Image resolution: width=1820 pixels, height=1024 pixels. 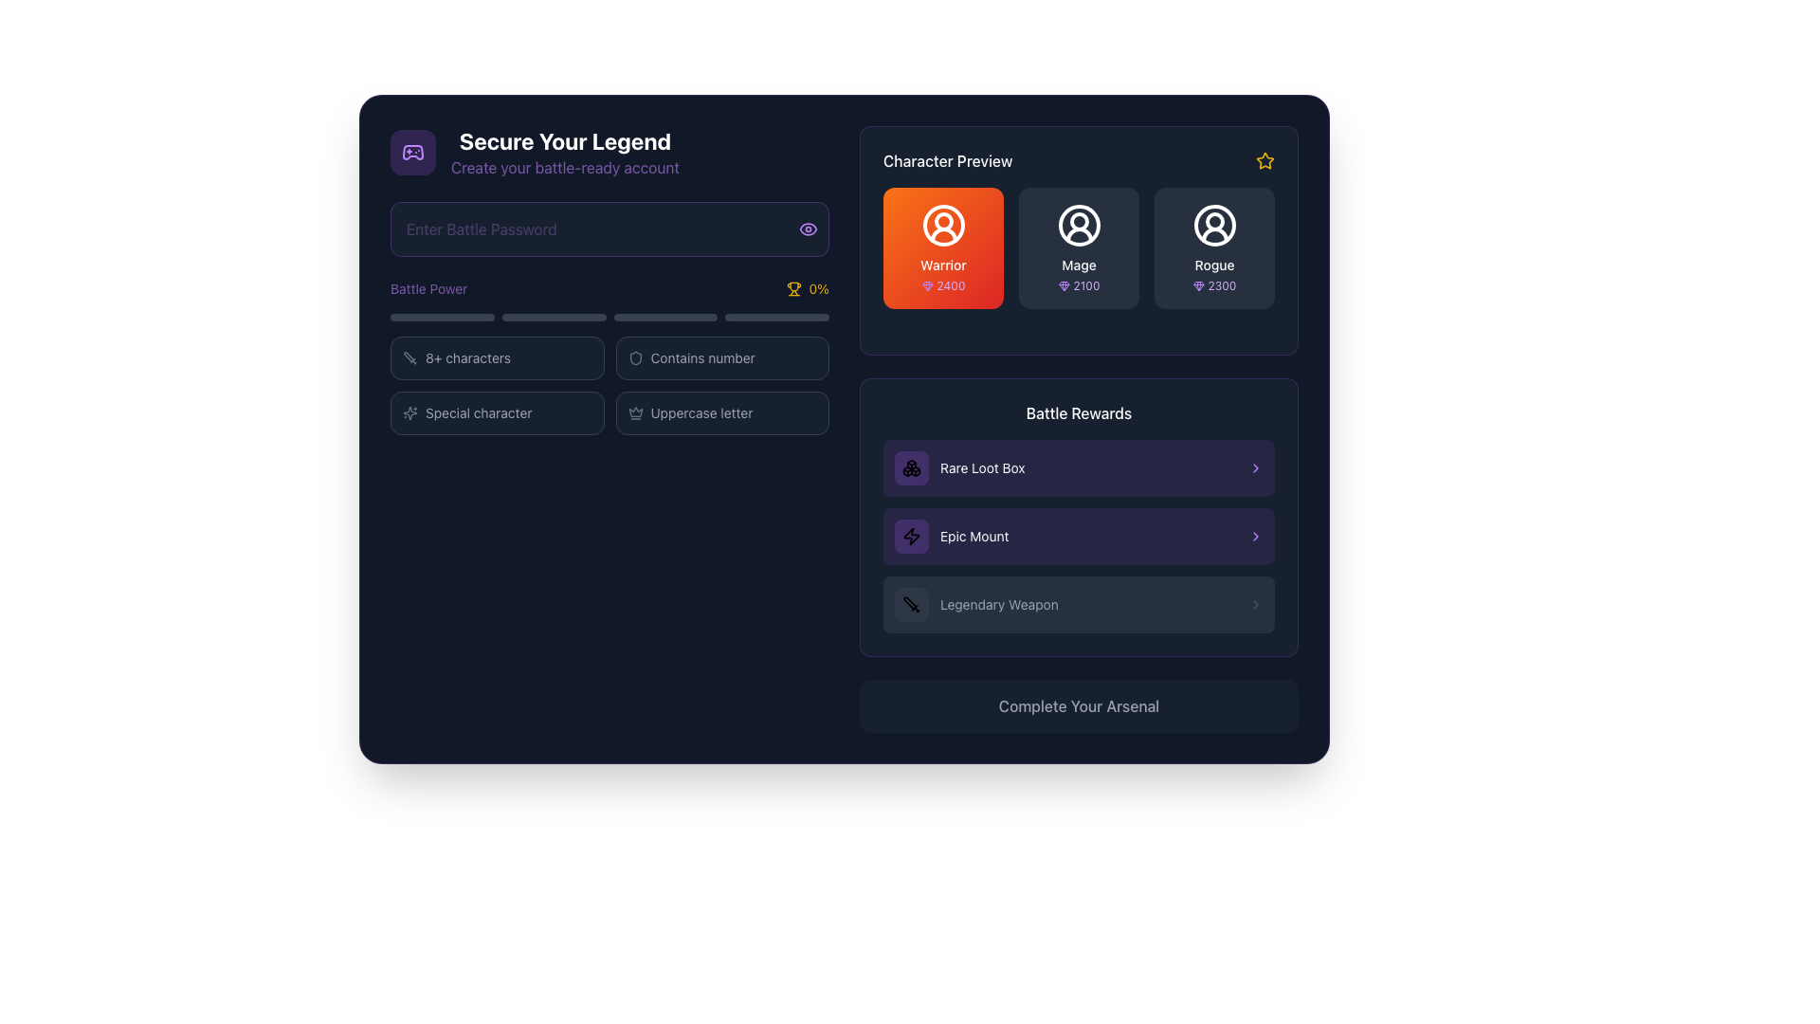 I want to click on text label that contains the phrase 'Create your battle-ready account', which is styled in purple and located below the primary heading 'Secure Your Legend', so click(x=564, y=167).